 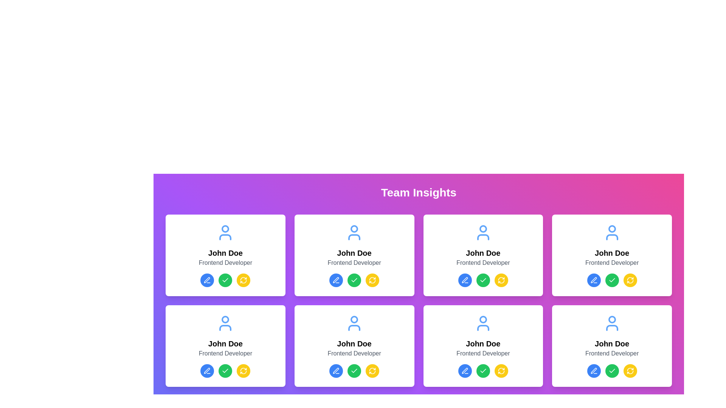 What do you see at coordinates (612, 371) in the screenshot?
I see `the checkmark icon button located beneath the text 'Frontend Developer' in the bottom row of the grid, which is part of the rightmost profile card` at bounding box center [612, 371].